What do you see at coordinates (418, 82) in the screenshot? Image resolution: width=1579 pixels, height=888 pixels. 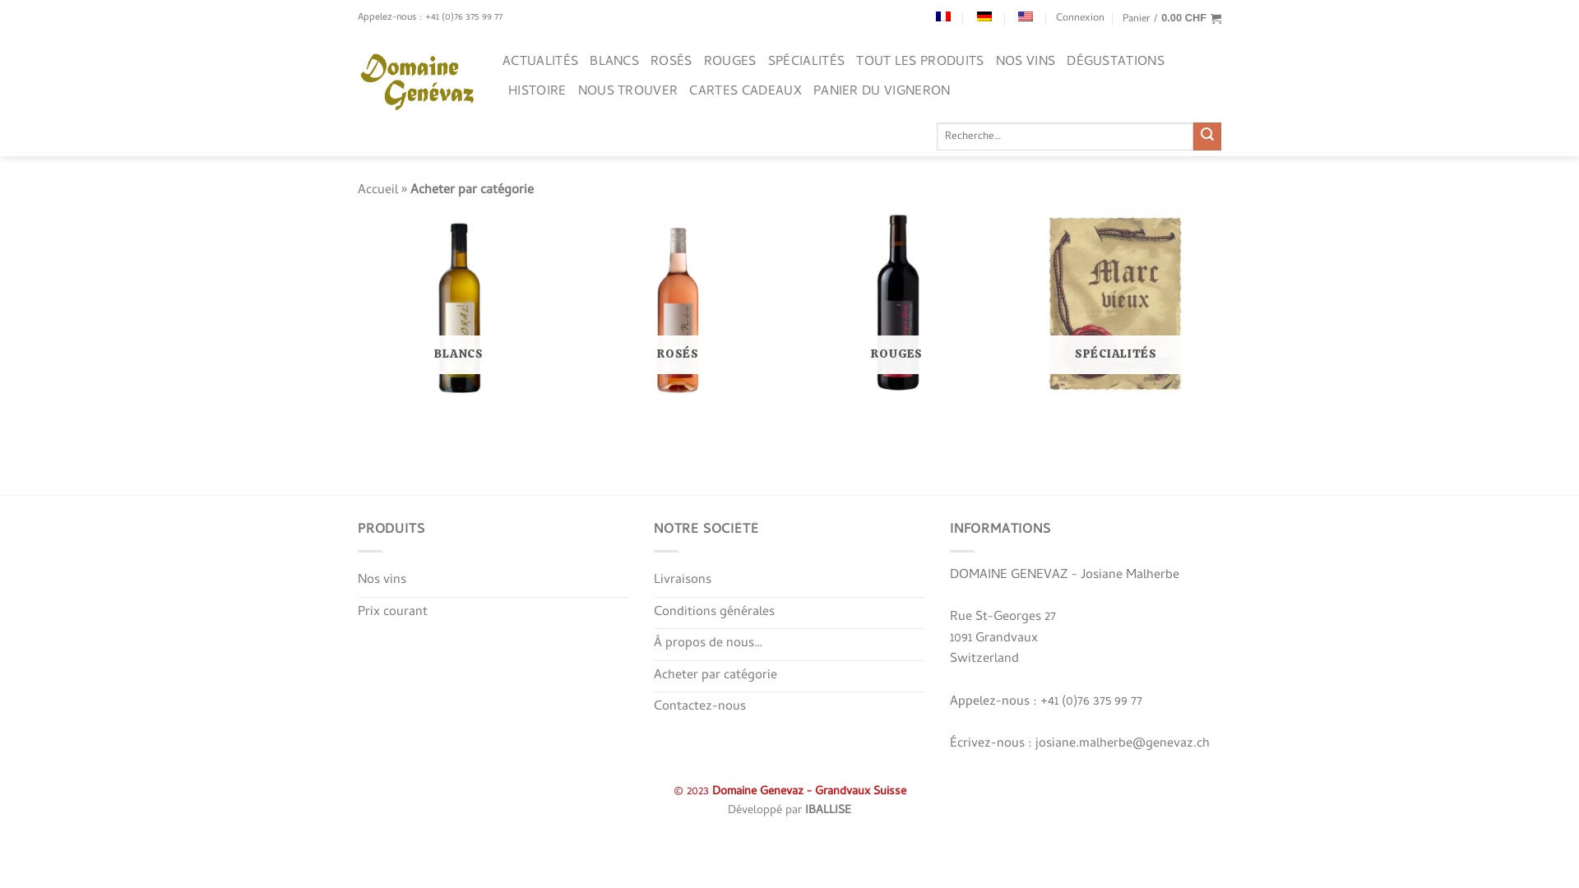 I see `'Josiane Malherbe | Vins Genevaz'` at bounding box center [418, 82].